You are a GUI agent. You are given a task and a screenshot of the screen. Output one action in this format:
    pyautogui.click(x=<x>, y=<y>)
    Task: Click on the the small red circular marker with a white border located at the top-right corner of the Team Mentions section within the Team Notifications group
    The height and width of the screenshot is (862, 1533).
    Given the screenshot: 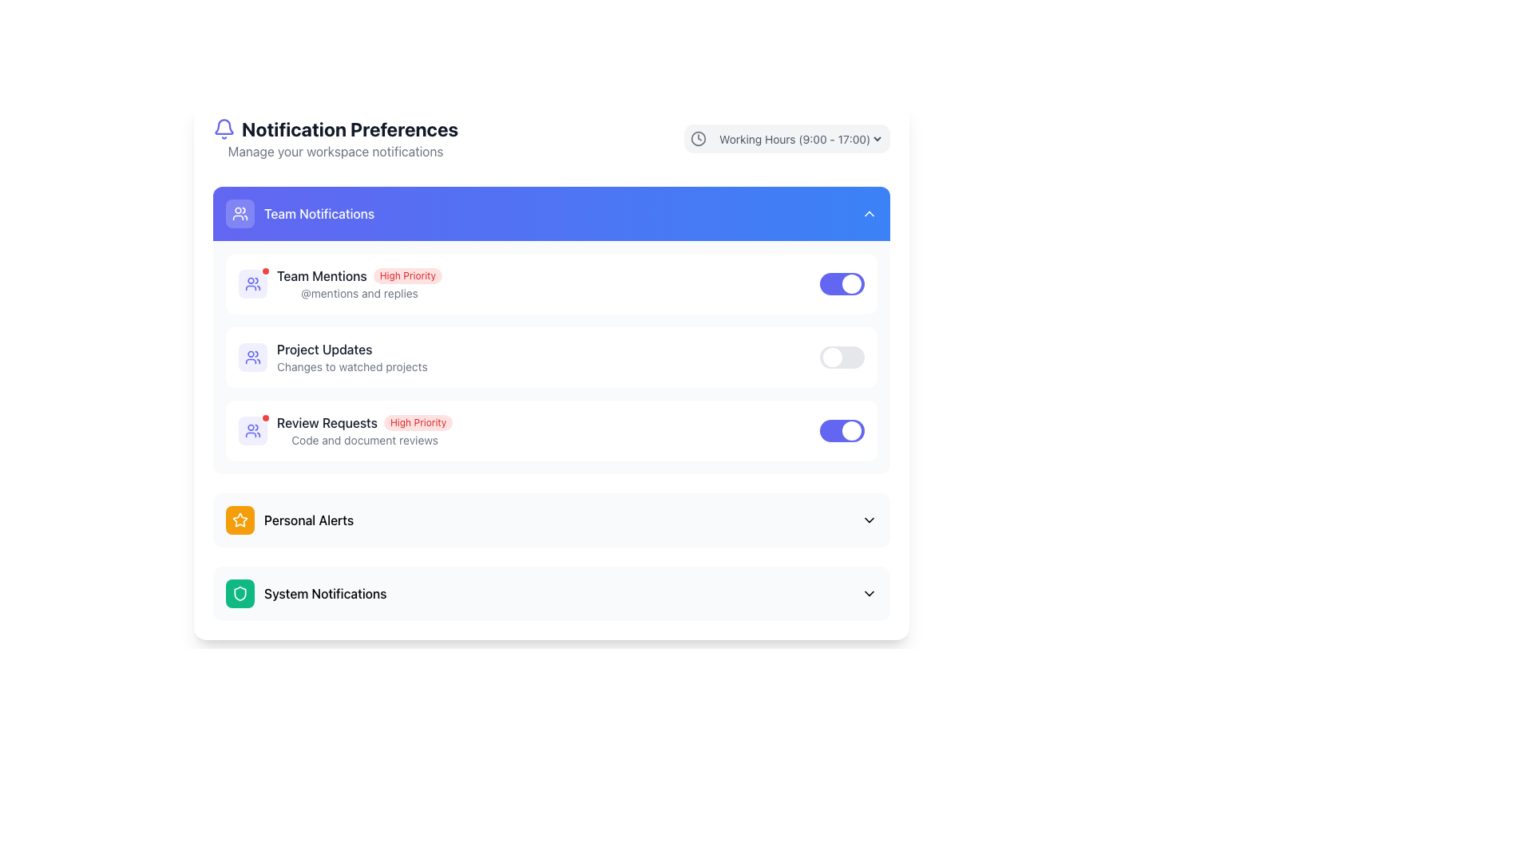 What is the action you would take?
    pyautogui.click(x=265, y=270)
    